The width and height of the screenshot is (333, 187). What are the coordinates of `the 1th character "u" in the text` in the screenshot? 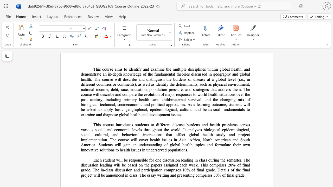 It's located at (175, 150).